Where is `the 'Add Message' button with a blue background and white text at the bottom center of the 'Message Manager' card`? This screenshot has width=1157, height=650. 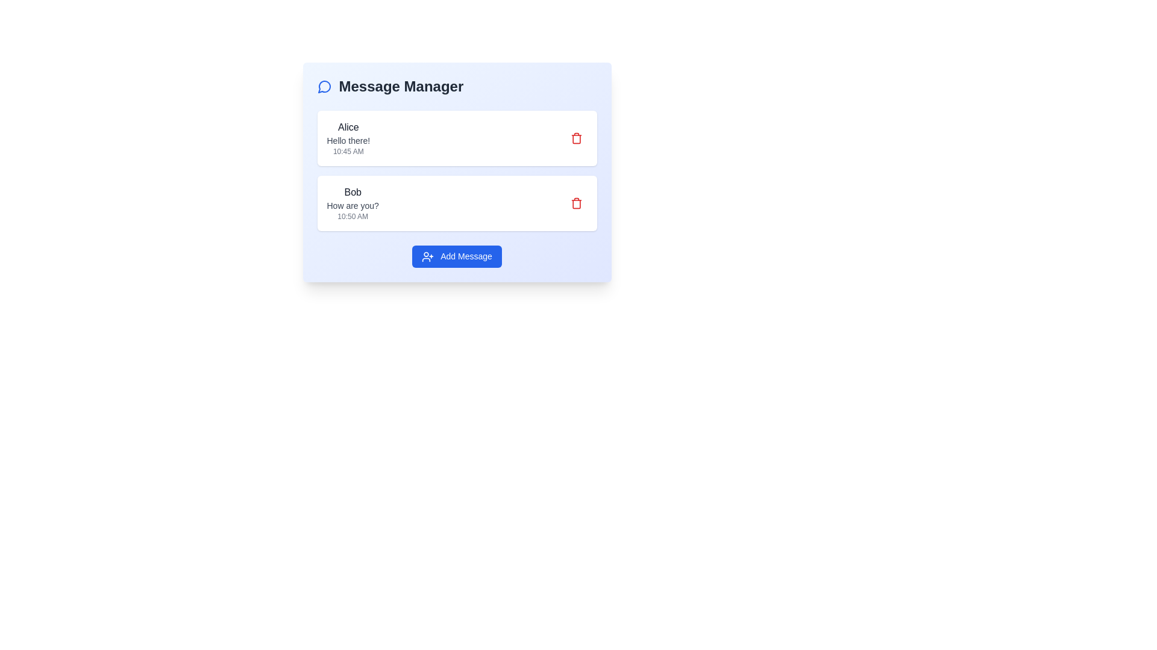
the 'Add Message' button with a blue background and white text at the bottom center of the 'Message Manager' card is located at coordinates (456, 256).